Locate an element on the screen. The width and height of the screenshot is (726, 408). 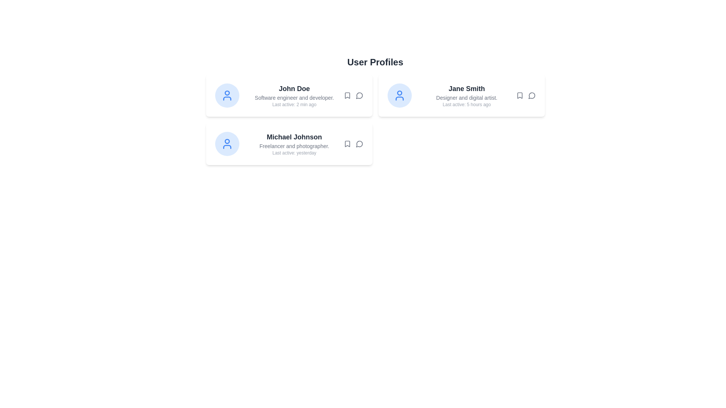
the avatar icon for the user 'Michael Johnson' located in the second row of the user profile cards is located at coordinates (226, 144).